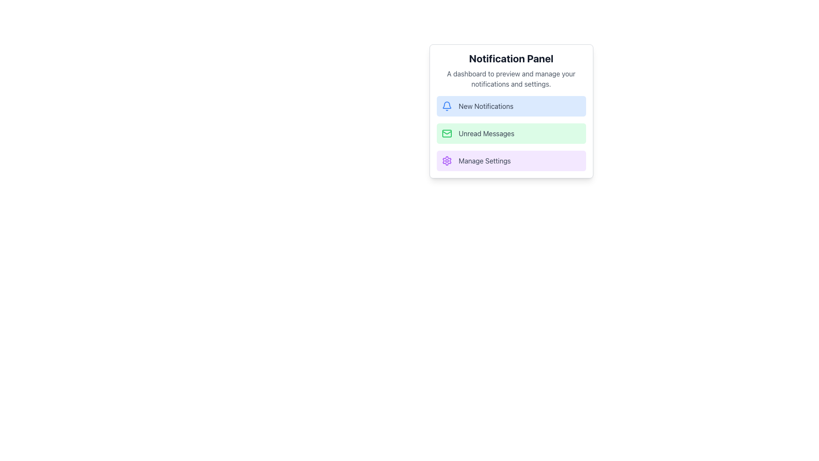 The height and width of the screenshot is (461, 819). What do you see at coordinates (486, 106) in the screenshot?
I see `the 'New Notifications' text label, which is styled with a gray font and positioned within a light blue rectangular background, located to the right of a bell icon` at bounding box center [486, 106].